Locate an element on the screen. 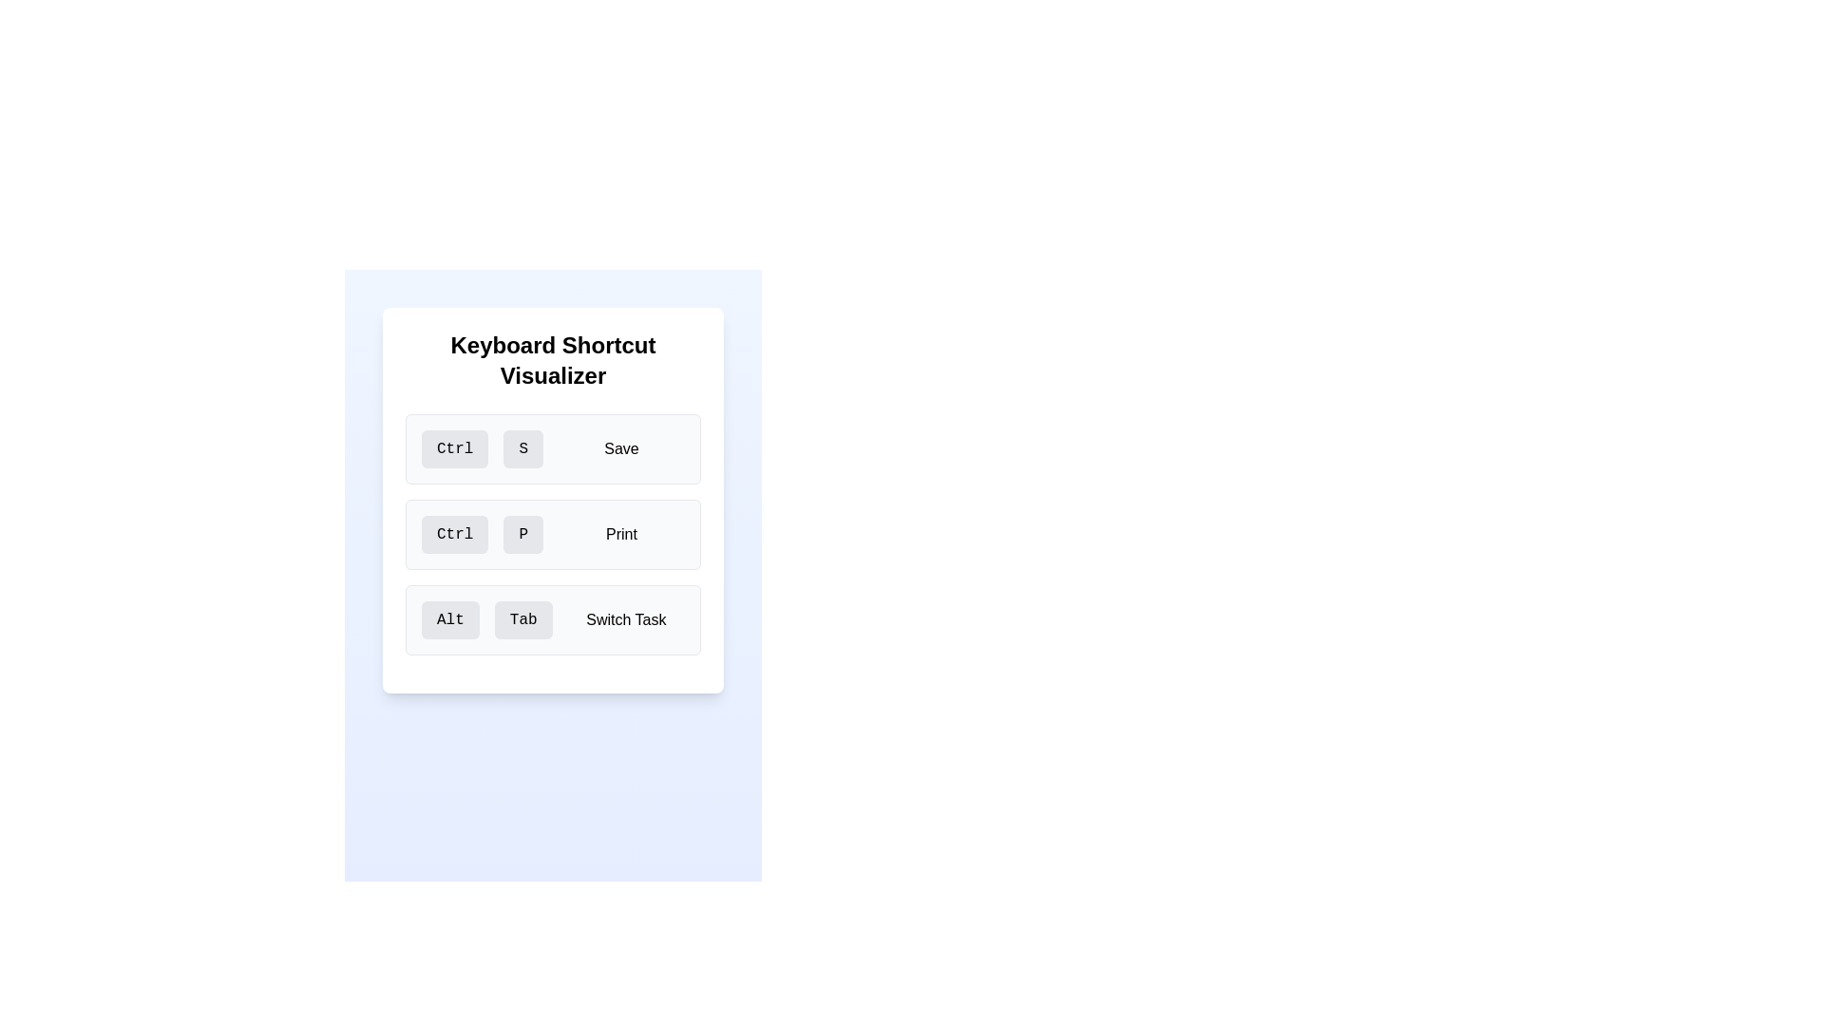  the 'Alt' button, which is a rectangular button with rounded corners displaying the text 'Alt' in bold black font, located in the lower half of the 'Keyboard Shortcut Visualizer' component is located at coordinates (449, 619).